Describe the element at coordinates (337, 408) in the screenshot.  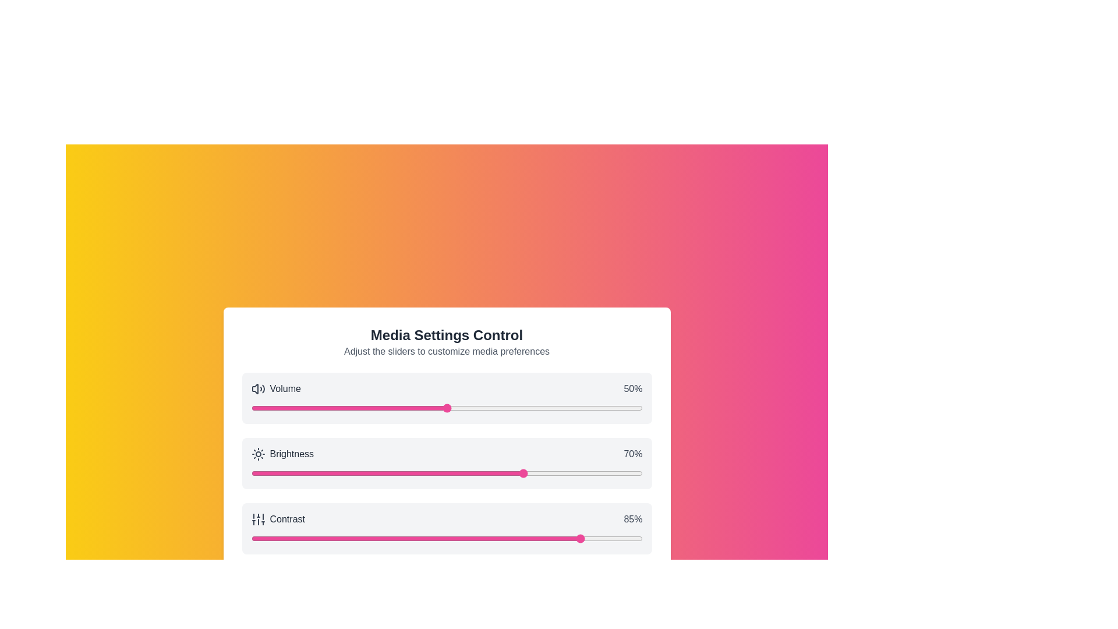
I see `the 0 slider to 22%` at that location.